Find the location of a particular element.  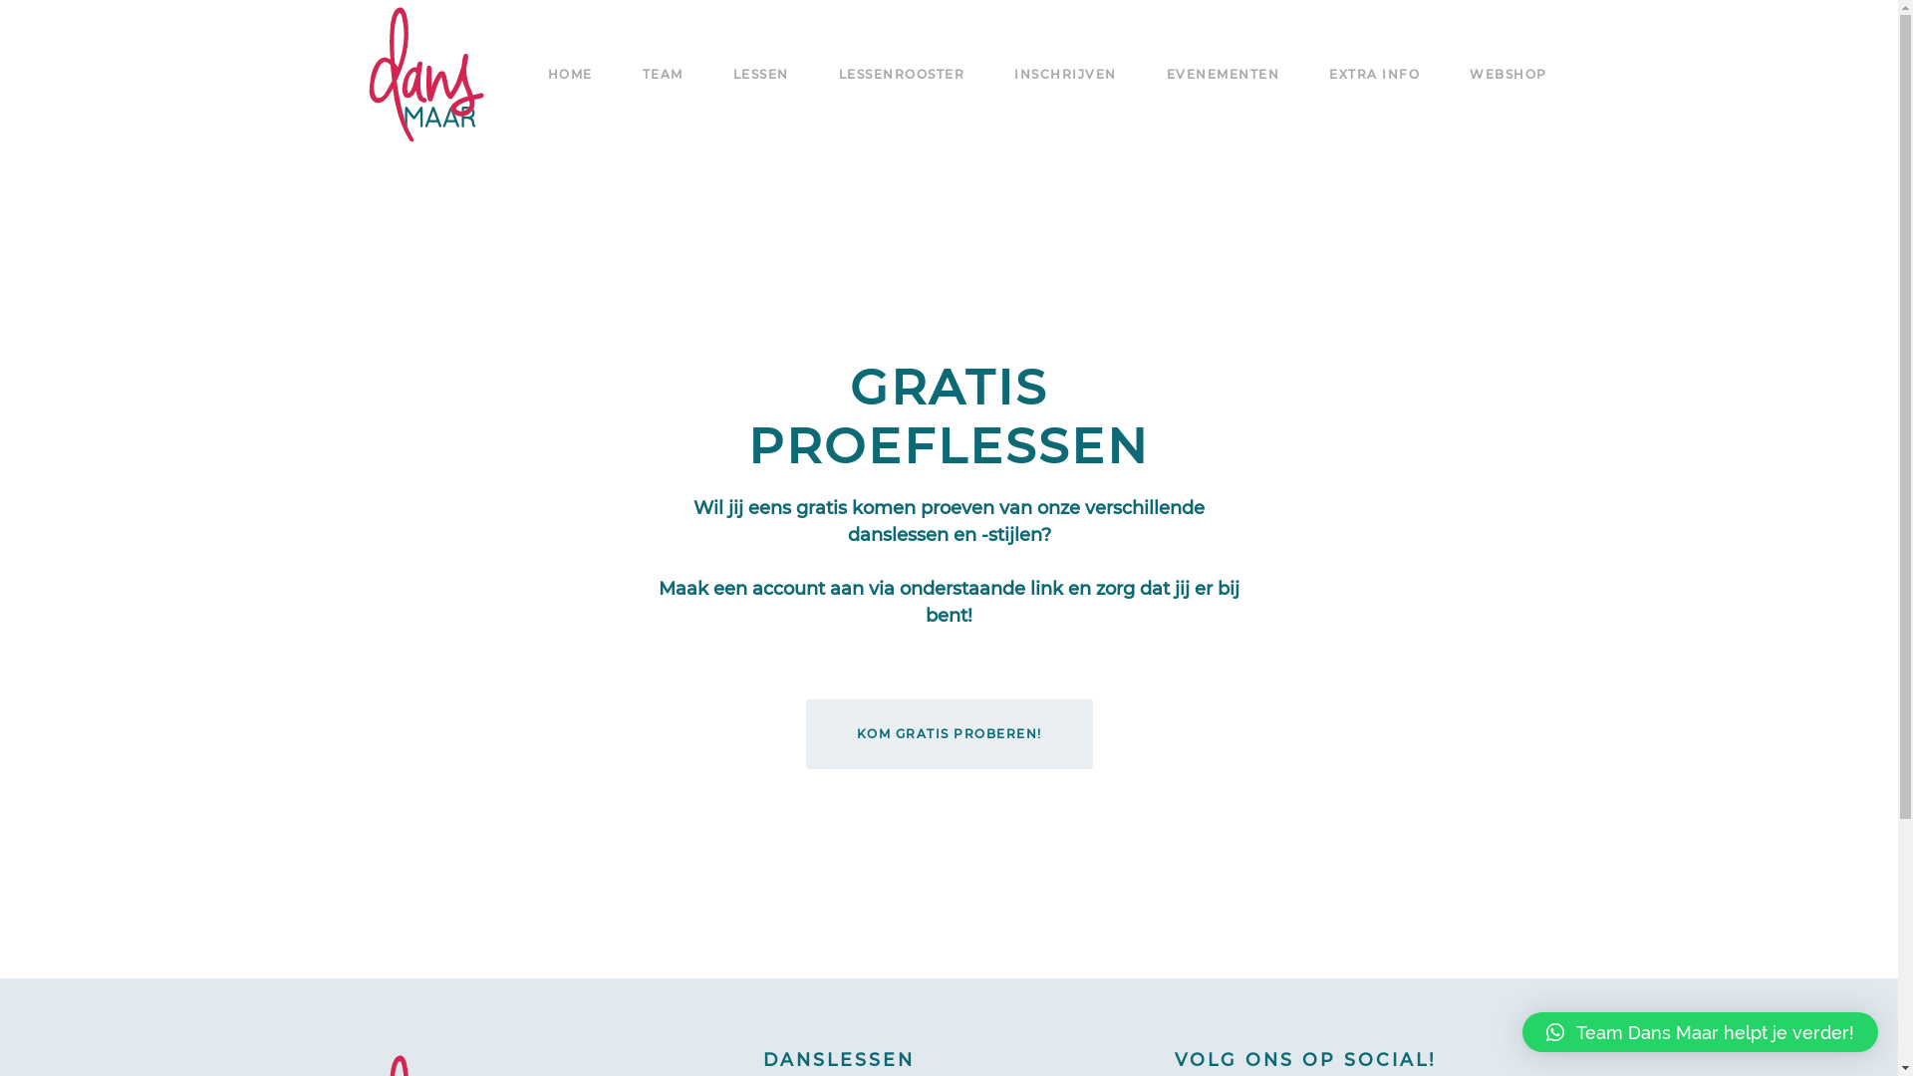

'KOM GRATIS PROBEREN!' is located at coordinates (947, 733).